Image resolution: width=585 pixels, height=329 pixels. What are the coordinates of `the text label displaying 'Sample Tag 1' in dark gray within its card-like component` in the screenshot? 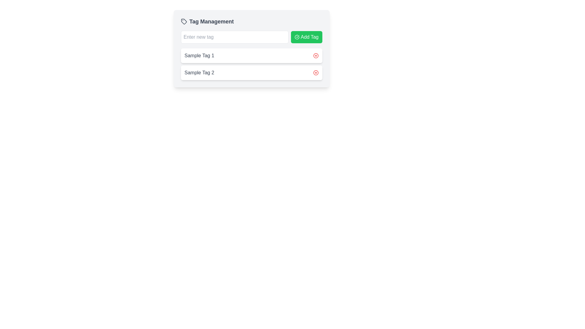 It's located at (199, 55).